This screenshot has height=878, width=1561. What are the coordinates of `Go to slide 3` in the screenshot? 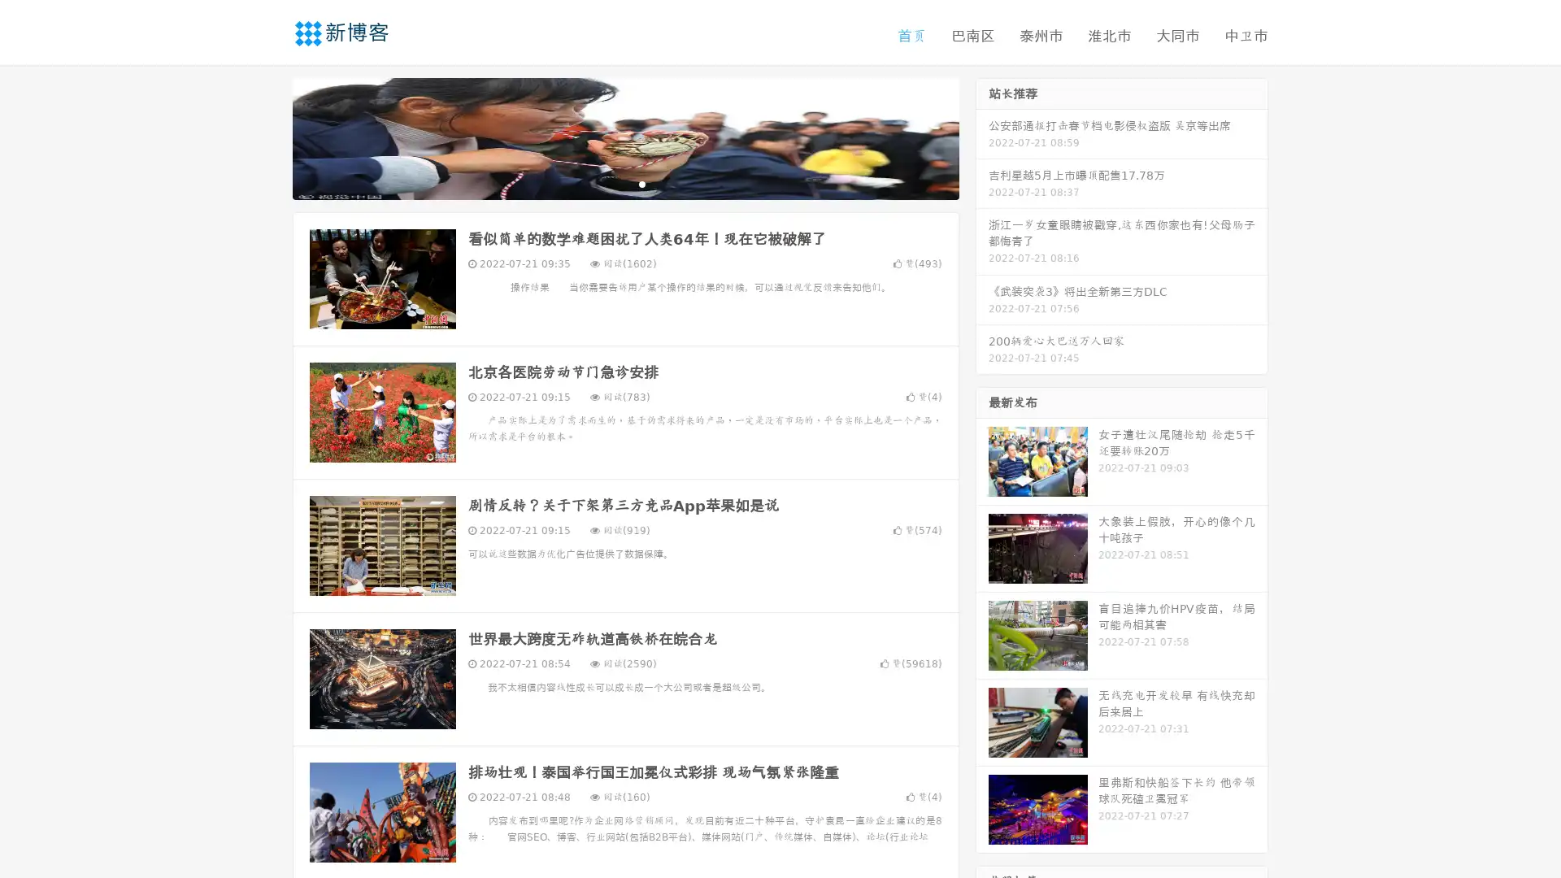 It's located at (641, 183).